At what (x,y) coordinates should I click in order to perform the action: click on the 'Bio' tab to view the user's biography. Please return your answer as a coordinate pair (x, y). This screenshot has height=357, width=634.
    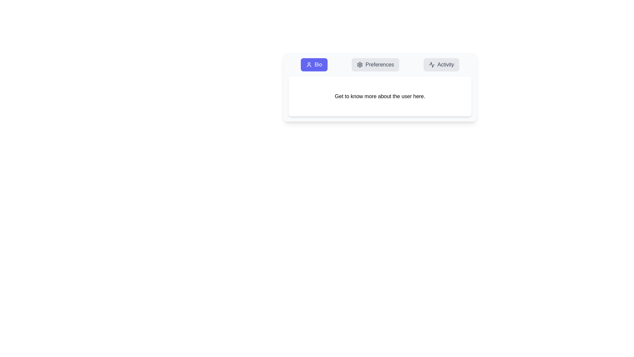
    Looking at the image, I should click on (313, 65).